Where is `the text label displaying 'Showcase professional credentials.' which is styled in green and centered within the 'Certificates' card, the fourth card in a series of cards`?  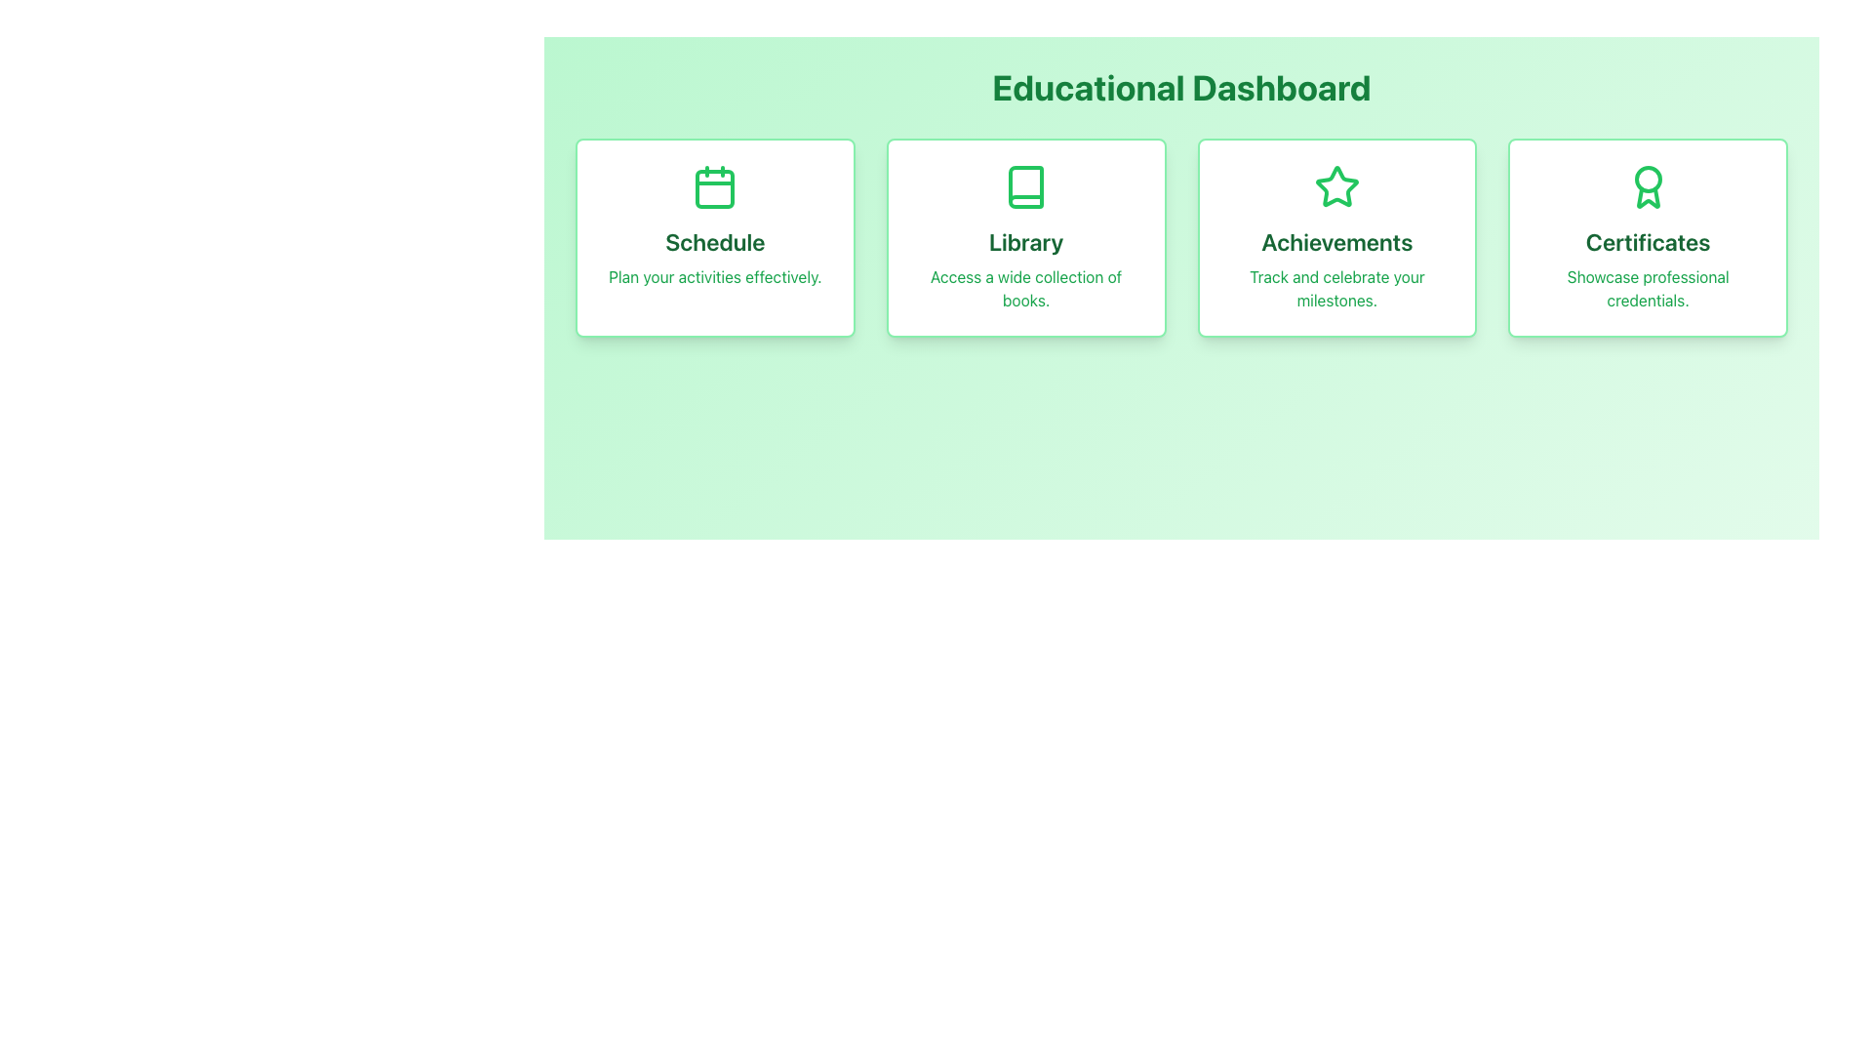
the text label displaying 'Showcase professional credentials.' which is styled in green and centered within the 'Certificates' card, the fourth card in a series of cards is located at coordinates (1647, 289).